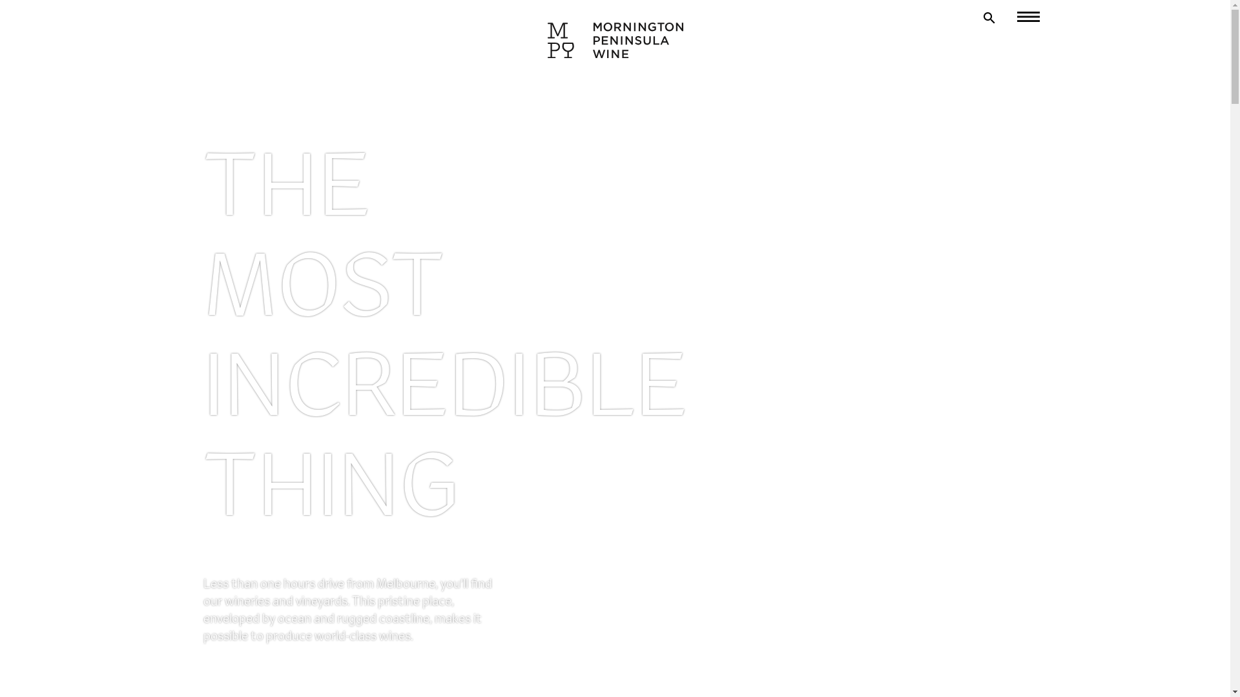  What do you see at coordinates (1019, 17) in the screenshot?
I see `'Toggle navigation'` at bounding box center [1019, 17].